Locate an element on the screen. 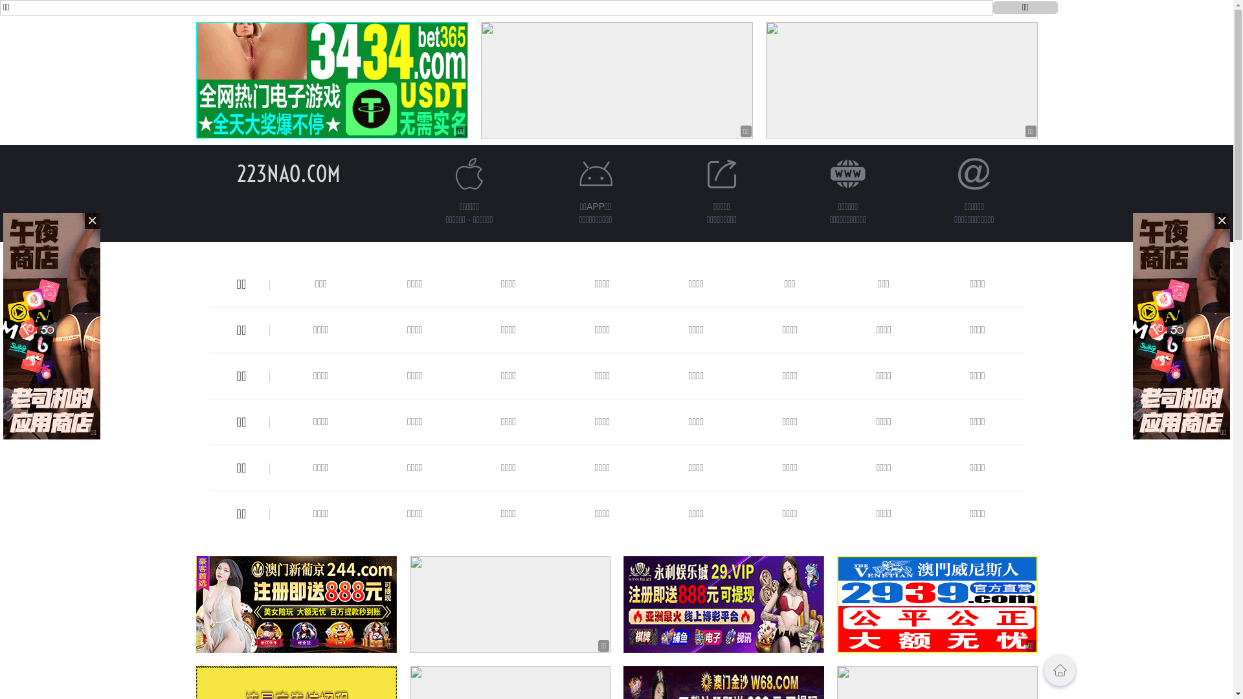 The width and height of the screenshot is (1243, 699). '223NAO.COM' is located at coordinates (236, 173).